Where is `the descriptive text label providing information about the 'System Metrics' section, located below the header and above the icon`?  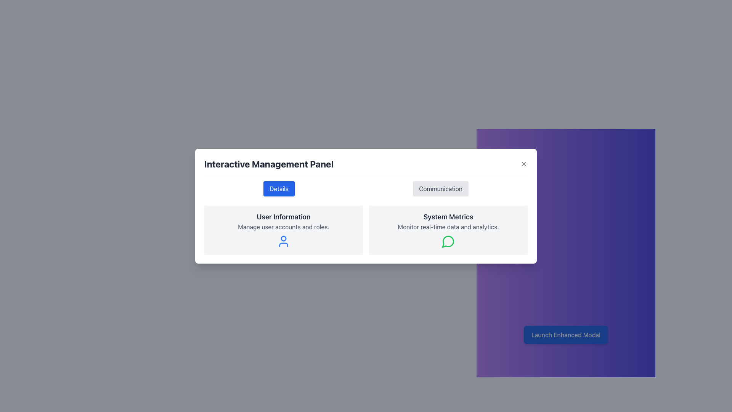
the descriptive text label providing information about the 'System Metrics' section, located below the header and above the icon is located at coordinates (448, 226).